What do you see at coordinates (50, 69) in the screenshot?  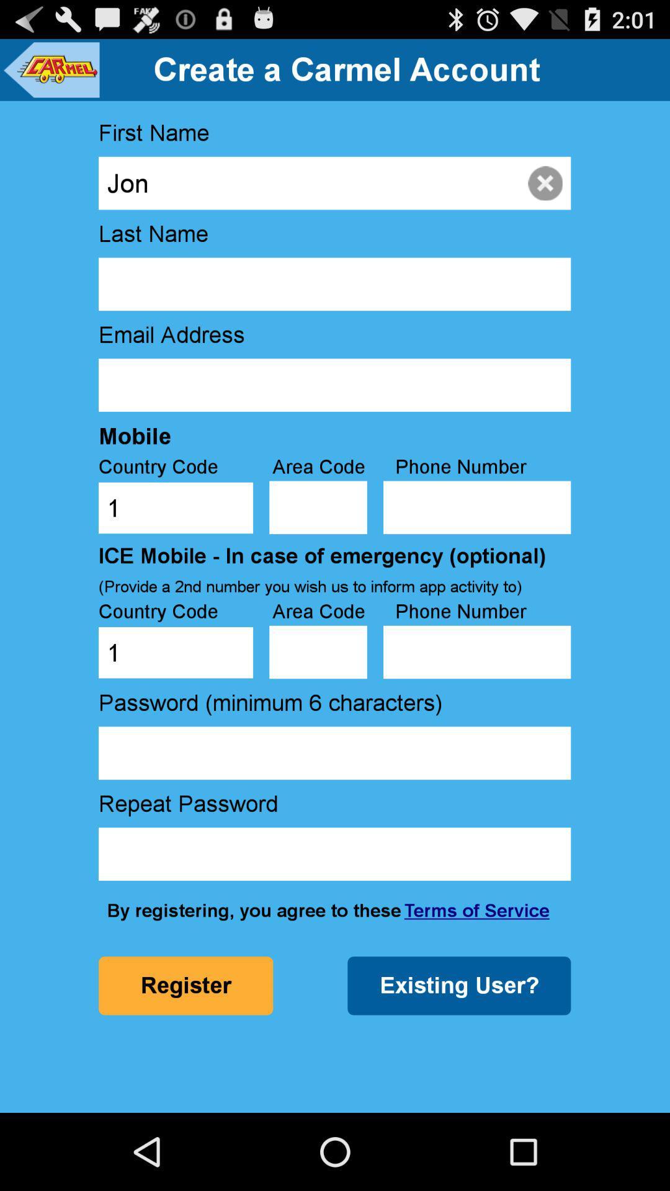 I see `icon to the left of create a carmel item` at bounding box center [50, 69].